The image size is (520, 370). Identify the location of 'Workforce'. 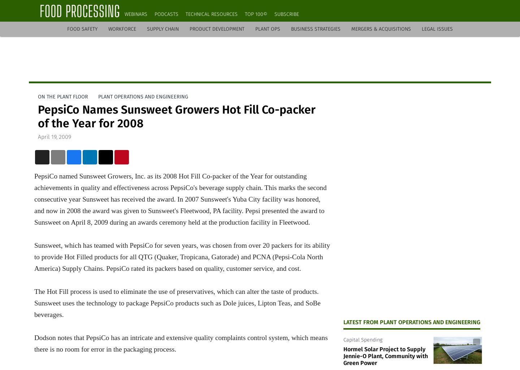
(122, 28).